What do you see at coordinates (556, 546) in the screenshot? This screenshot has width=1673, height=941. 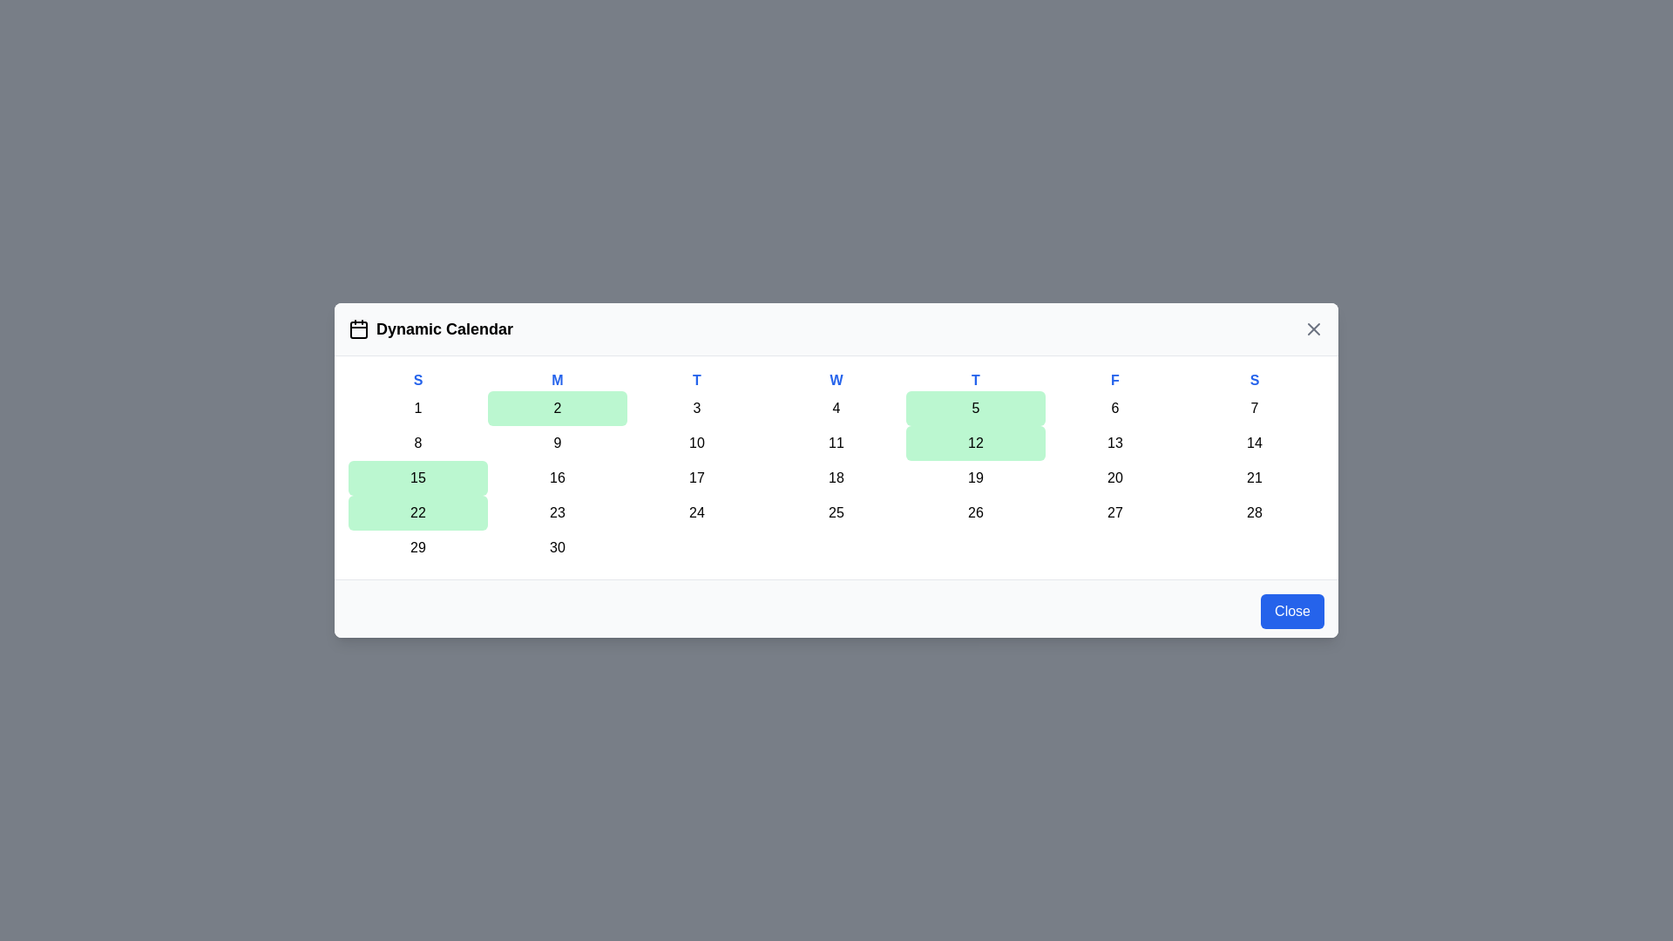 I see `the day cell corresponding to 30` at bounding box center [556, 546].